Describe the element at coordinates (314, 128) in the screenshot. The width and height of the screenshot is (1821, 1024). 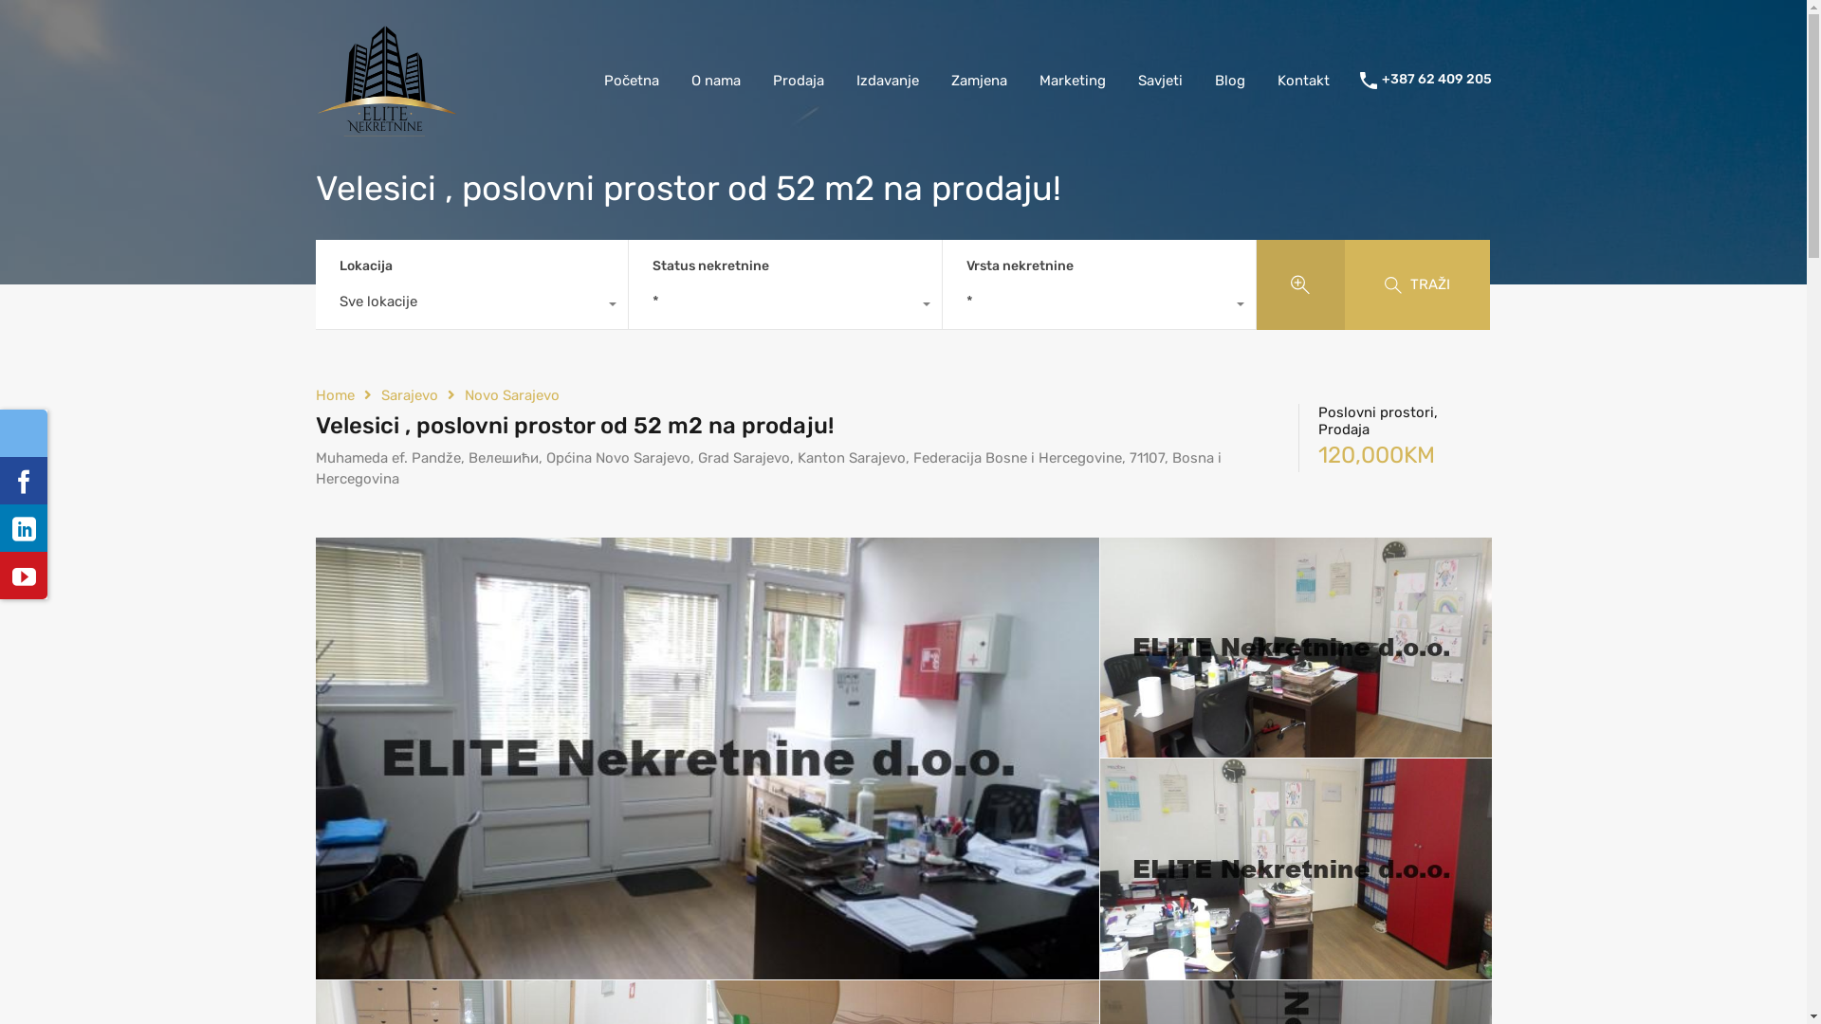
I see `'ELITE Nekretnine d.o.o.'` at that location.